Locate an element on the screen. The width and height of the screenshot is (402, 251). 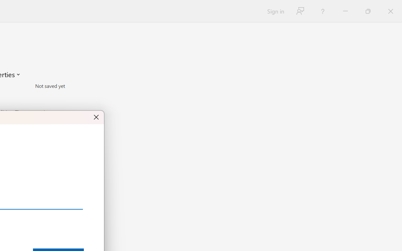
'Sign in' is located at coordinates (275, 11).